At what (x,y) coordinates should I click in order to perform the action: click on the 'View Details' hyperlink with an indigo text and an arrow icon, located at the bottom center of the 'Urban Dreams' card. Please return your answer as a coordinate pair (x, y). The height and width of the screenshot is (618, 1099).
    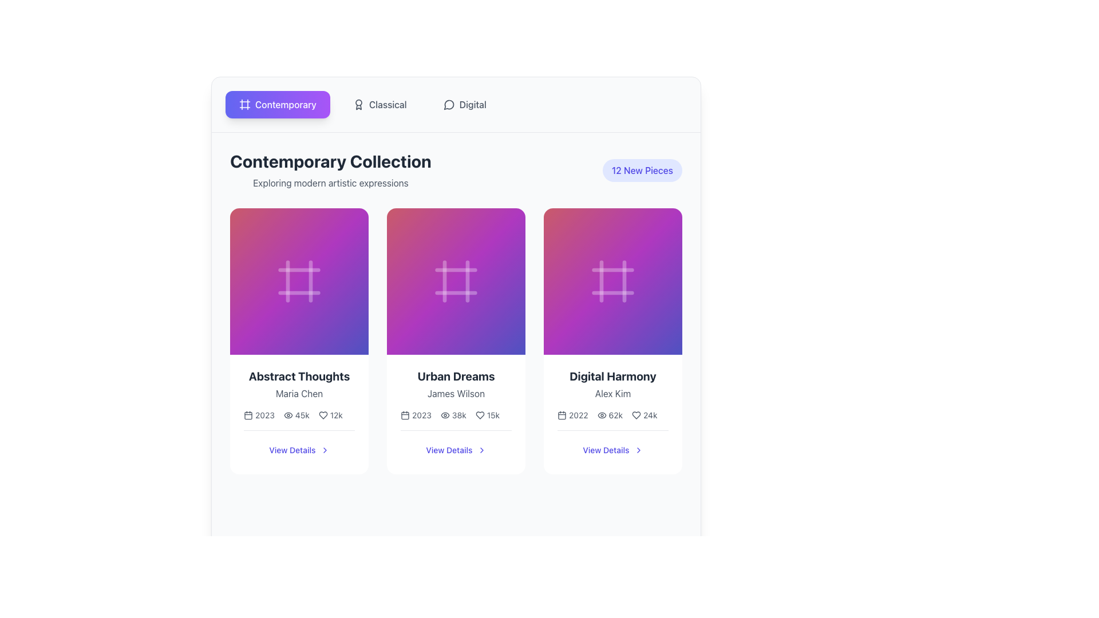
    Looking at the image, I should click on (455, 449).